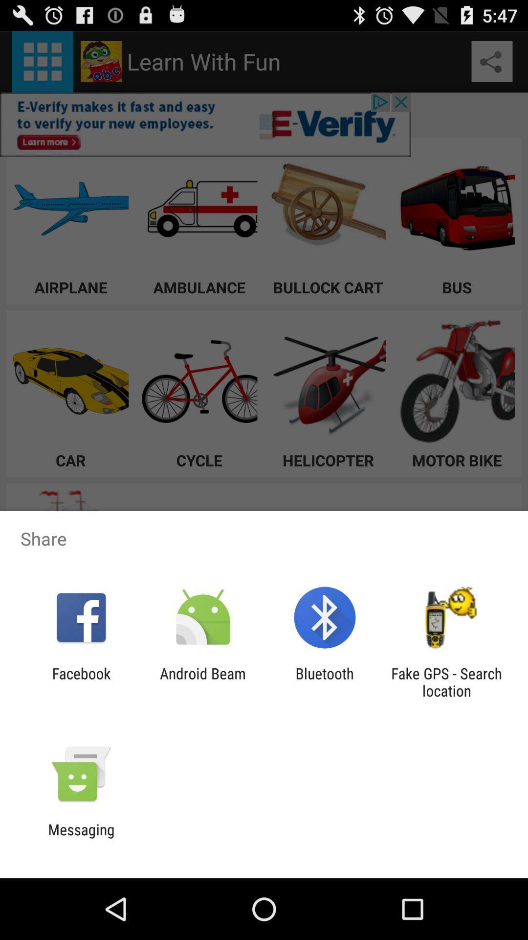 Image resolution: width=528 pixels, height=940 pixels. Describe the element at coordinates (202, 681) in the screenshot. I see `android beam item` at that location.